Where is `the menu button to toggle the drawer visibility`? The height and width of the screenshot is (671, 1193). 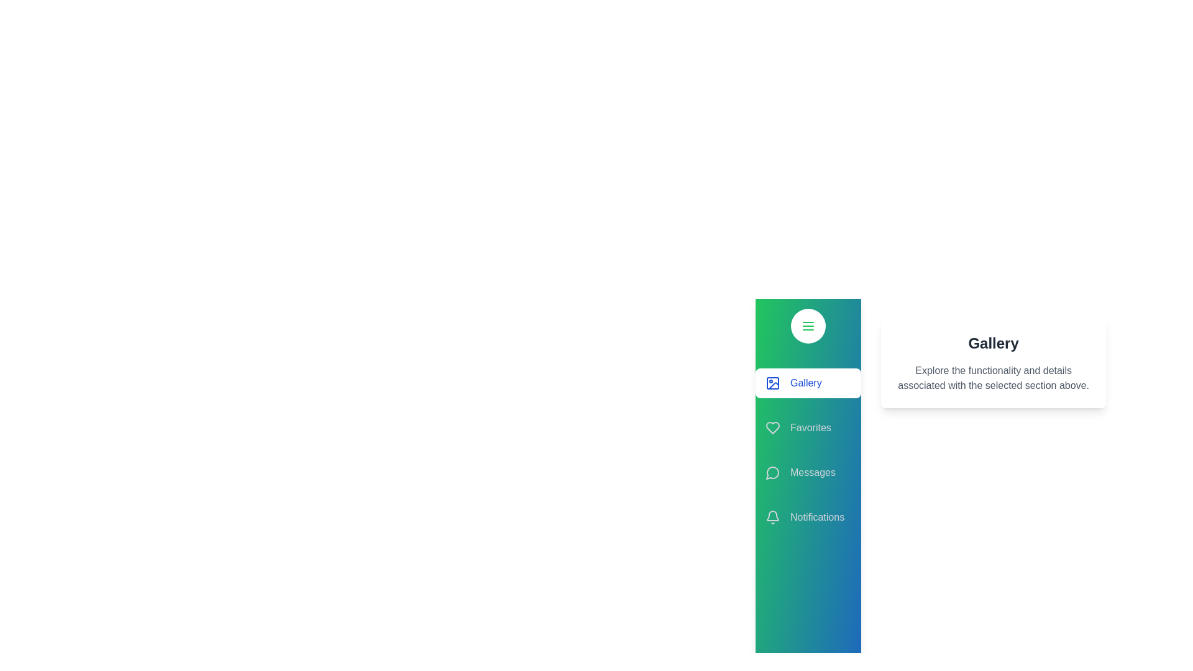
the menu button to toggle the drawer visibility is located at coordinates (808, 325).